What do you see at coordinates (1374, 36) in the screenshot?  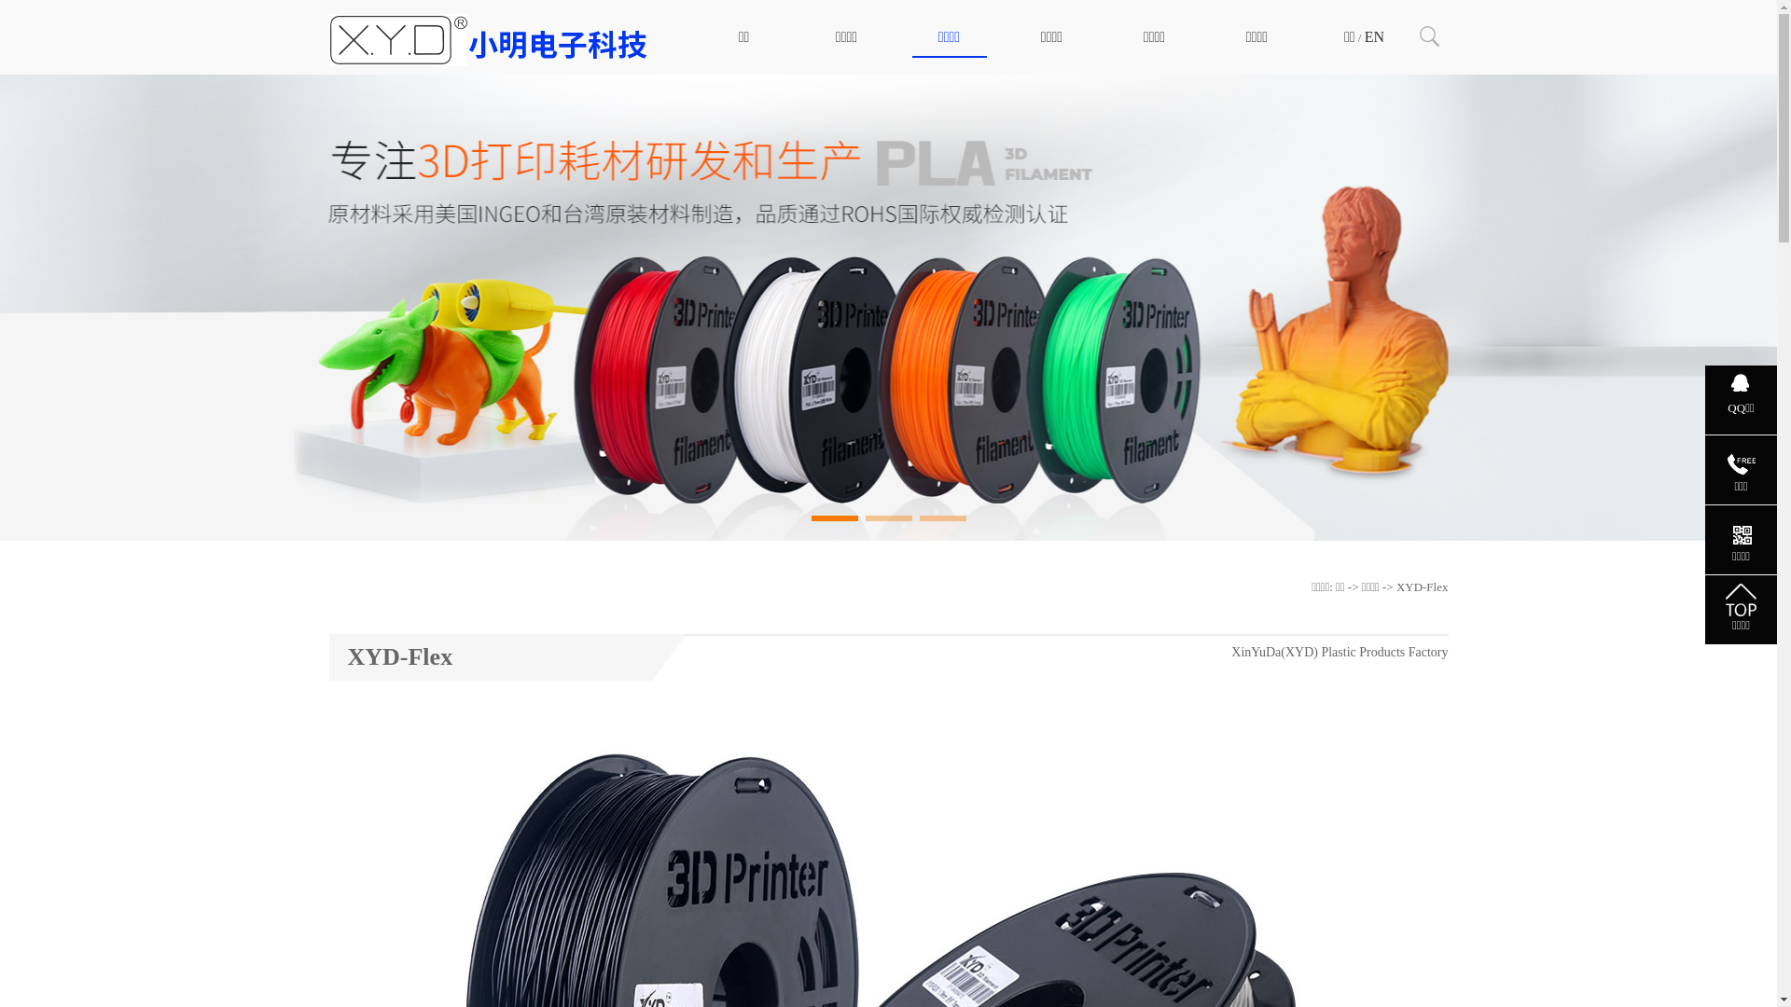 I see `'EN'` at bounding box center [1374, 36].